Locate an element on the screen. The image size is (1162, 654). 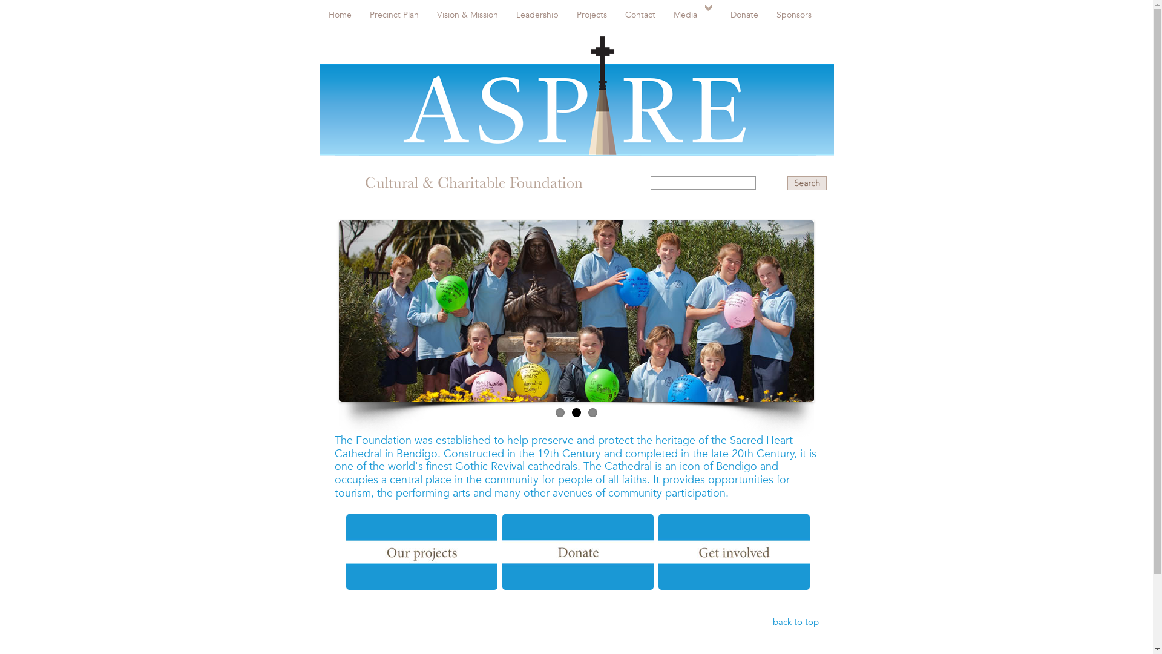
'Media is located at coordinates (693, 14).